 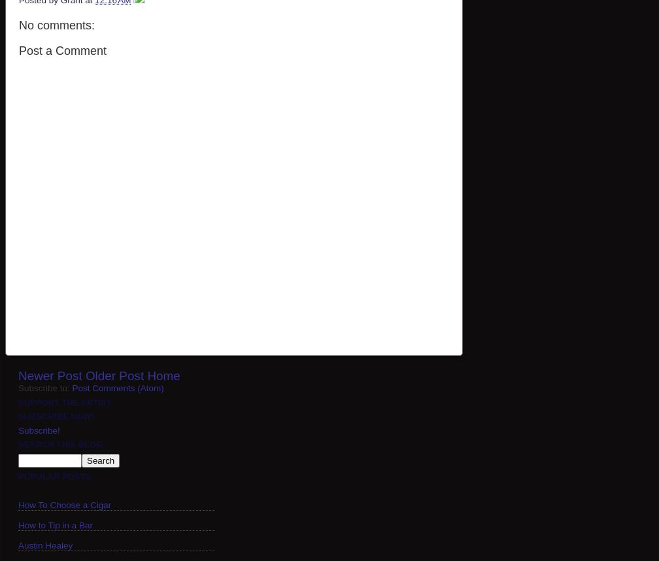 What do you see at coordinates (118, 388) in the screenshot?
I see `'Post Comments (Atom)'` at bounding box center [118, 388].